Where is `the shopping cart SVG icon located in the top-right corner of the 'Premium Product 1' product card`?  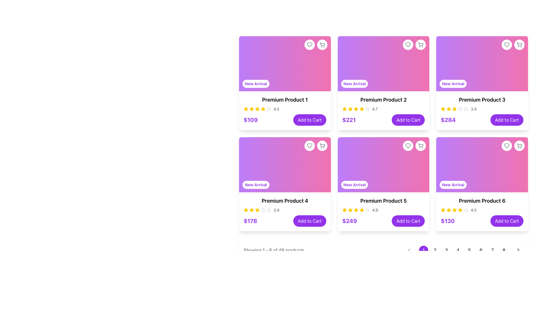
the shopping cart SVG icon located in the top-right corner of the 'Premium Product 1' product card is located at coordinates (322, 44).